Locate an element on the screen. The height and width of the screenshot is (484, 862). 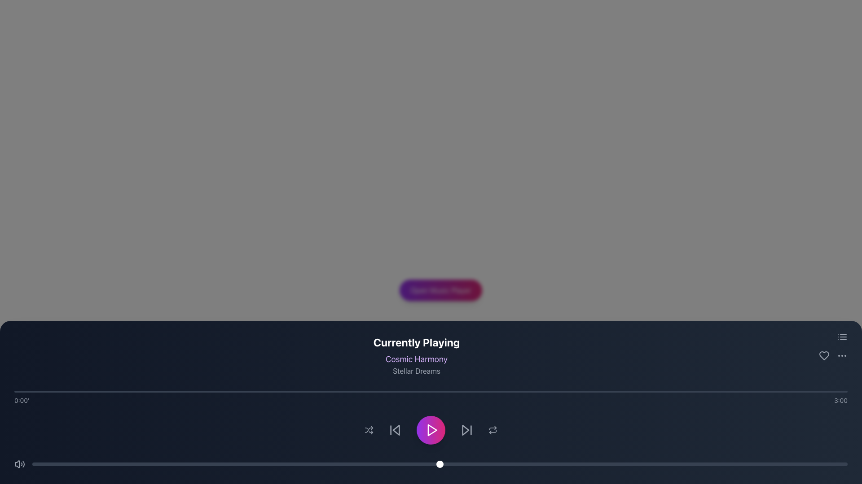
the text label indicating the current playback status of the interface, which is centered horizontally above the text elements 'Cosmic Harmony' and 'Stellar Dreams' is located at coordinates (416, 342).